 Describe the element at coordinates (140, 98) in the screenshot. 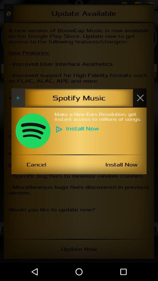

I see `the item to the right of spotify music` at that location.